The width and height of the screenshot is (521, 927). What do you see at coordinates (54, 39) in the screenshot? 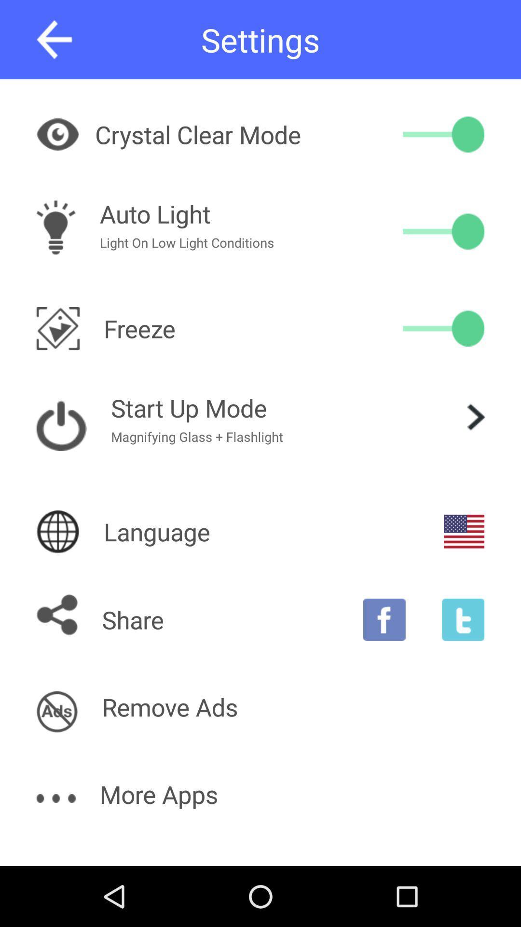
I see `go back` at bounding box center [54, 39].